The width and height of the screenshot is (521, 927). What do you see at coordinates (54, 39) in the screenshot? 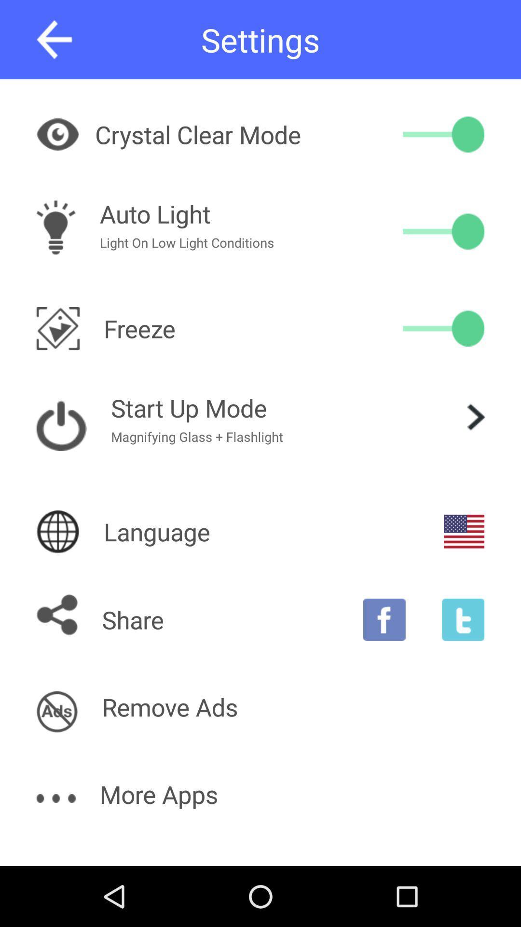
I see `go back` at bounding box center [54, 39].